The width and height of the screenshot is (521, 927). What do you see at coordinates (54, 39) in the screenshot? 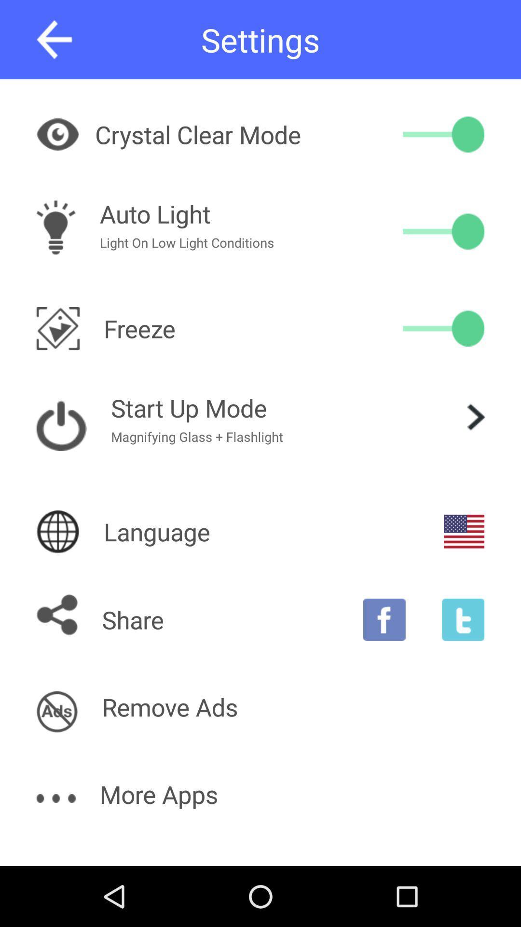
I see `go back` at bounding box center [54, 39].